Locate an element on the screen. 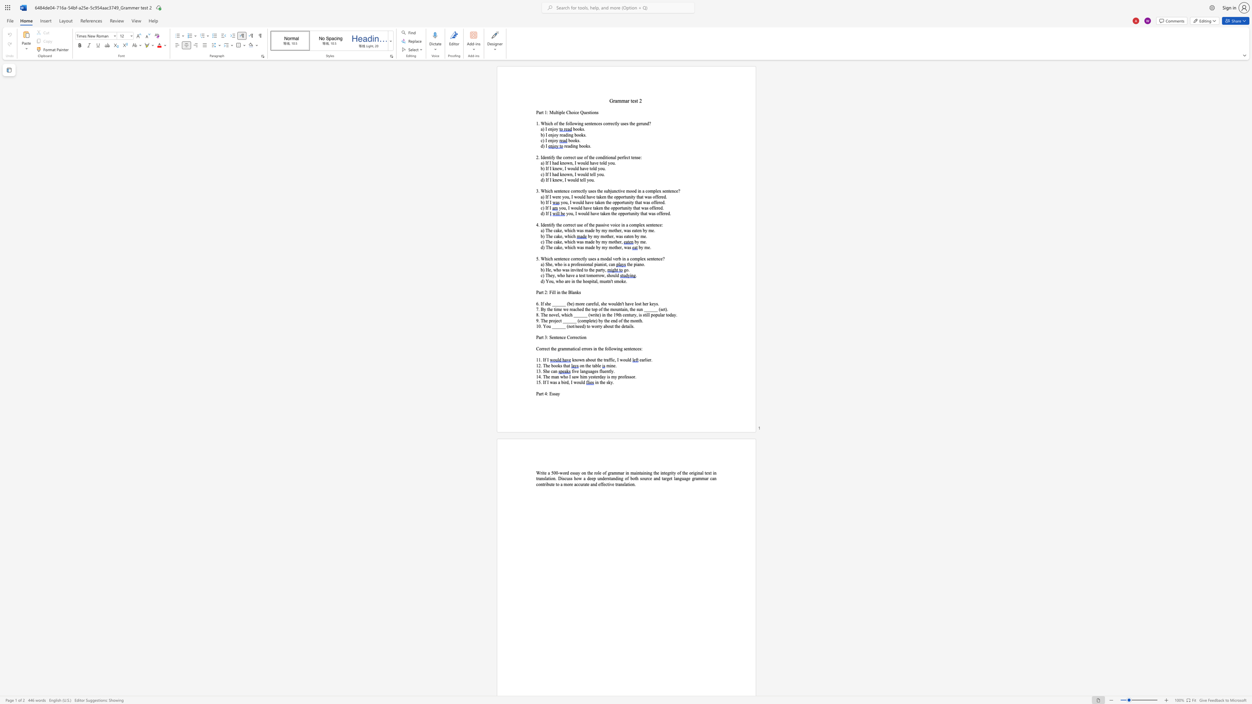 This screenshot has height=704, width=1252. the subset text "I en" within the text "c) I enjoy" is located at coordinates (545, 140).